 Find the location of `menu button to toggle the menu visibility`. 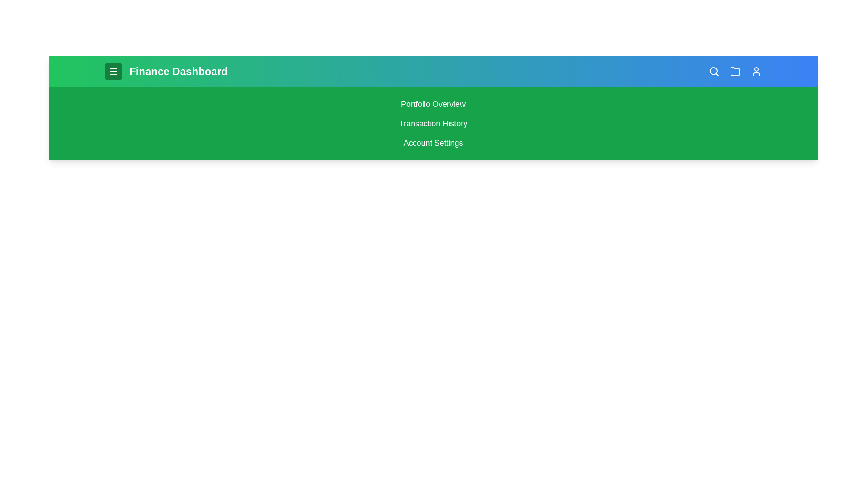

menu button to toggle the menu visibility is located at coordinates (113, 71).